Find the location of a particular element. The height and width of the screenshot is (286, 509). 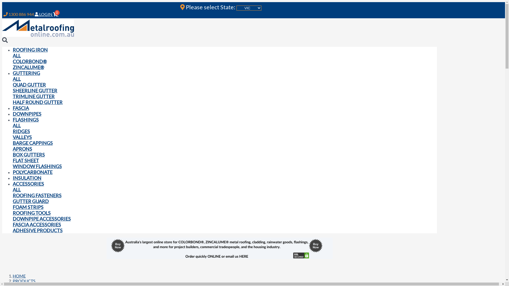

'FASCIA' is located at coordinates (21, 108).